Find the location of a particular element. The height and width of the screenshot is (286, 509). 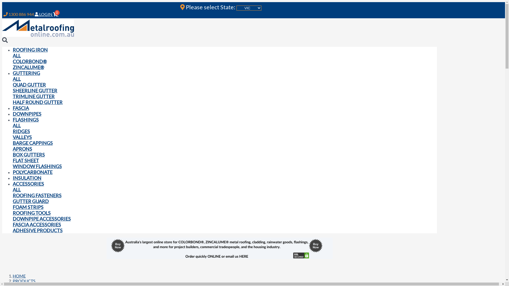

'FASCIA' is located at coordinates (21, 108).